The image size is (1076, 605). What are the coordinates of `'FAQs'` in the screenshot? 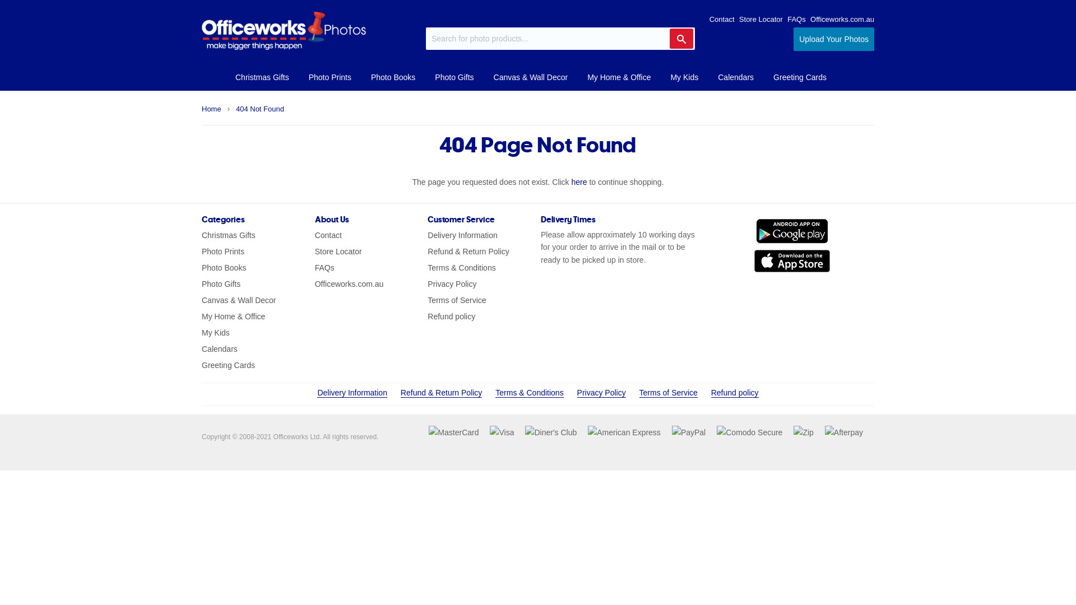 It's located at (796, 19).